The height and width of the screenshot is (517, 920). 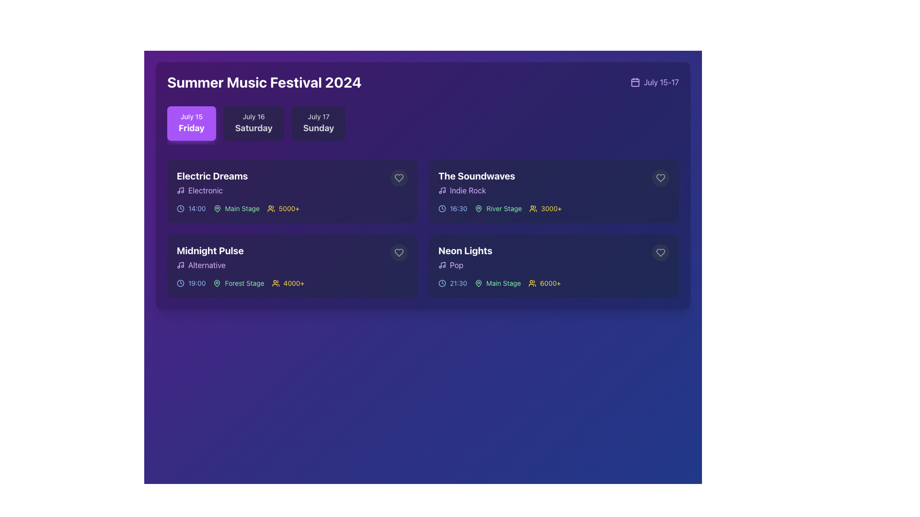 What do you see at coordinates (181, 282) in the screenshot?
I see `the clock icon located to the immediate left of the '19:00' time text label under the 'Midnight Pulse' event section as part of its context` at bounding box center [181, 282].